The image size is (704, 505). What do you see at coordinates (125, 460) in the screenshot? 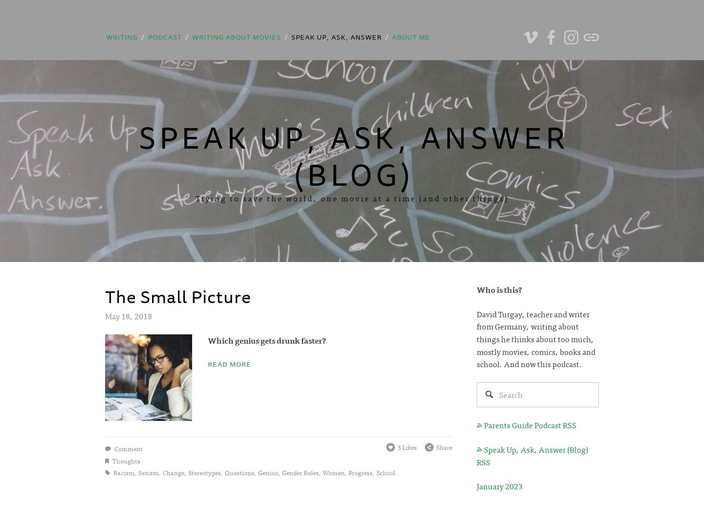
I see `'thoughts'` at bounding box center [125, 460].